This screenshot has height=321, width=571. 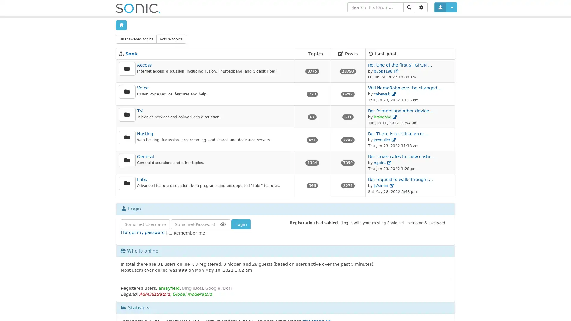 I want to click on Show Password, so click(x=223, y=224).